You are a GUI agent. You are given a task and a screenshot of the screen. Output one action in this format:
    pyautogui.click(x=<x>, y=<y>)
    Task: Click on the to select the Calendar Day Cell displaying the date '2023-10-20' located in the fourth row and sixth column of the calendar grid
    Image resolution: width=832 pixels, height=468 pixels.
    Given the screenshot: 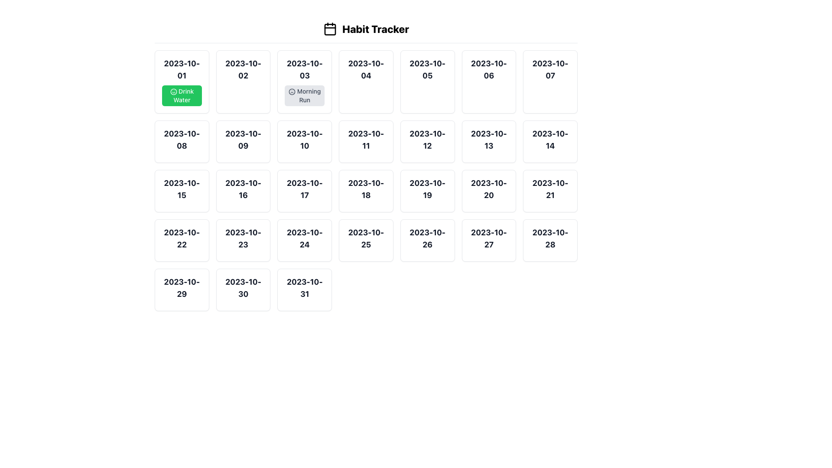 What is the action you would take?
    pyautogui.click(x=489, y=190)
    